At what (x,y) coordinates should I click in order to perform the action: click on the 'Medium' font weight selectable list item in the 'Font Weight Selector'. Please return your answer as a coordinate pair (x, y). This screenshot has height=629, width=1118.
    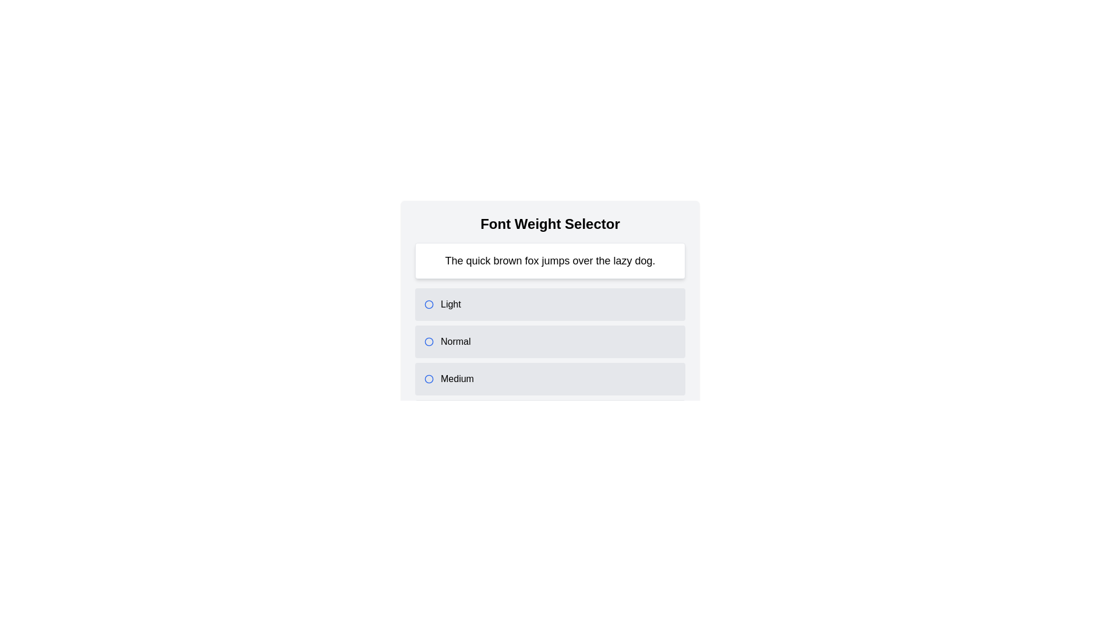
    Looking at the image, I should click on (550, 379).